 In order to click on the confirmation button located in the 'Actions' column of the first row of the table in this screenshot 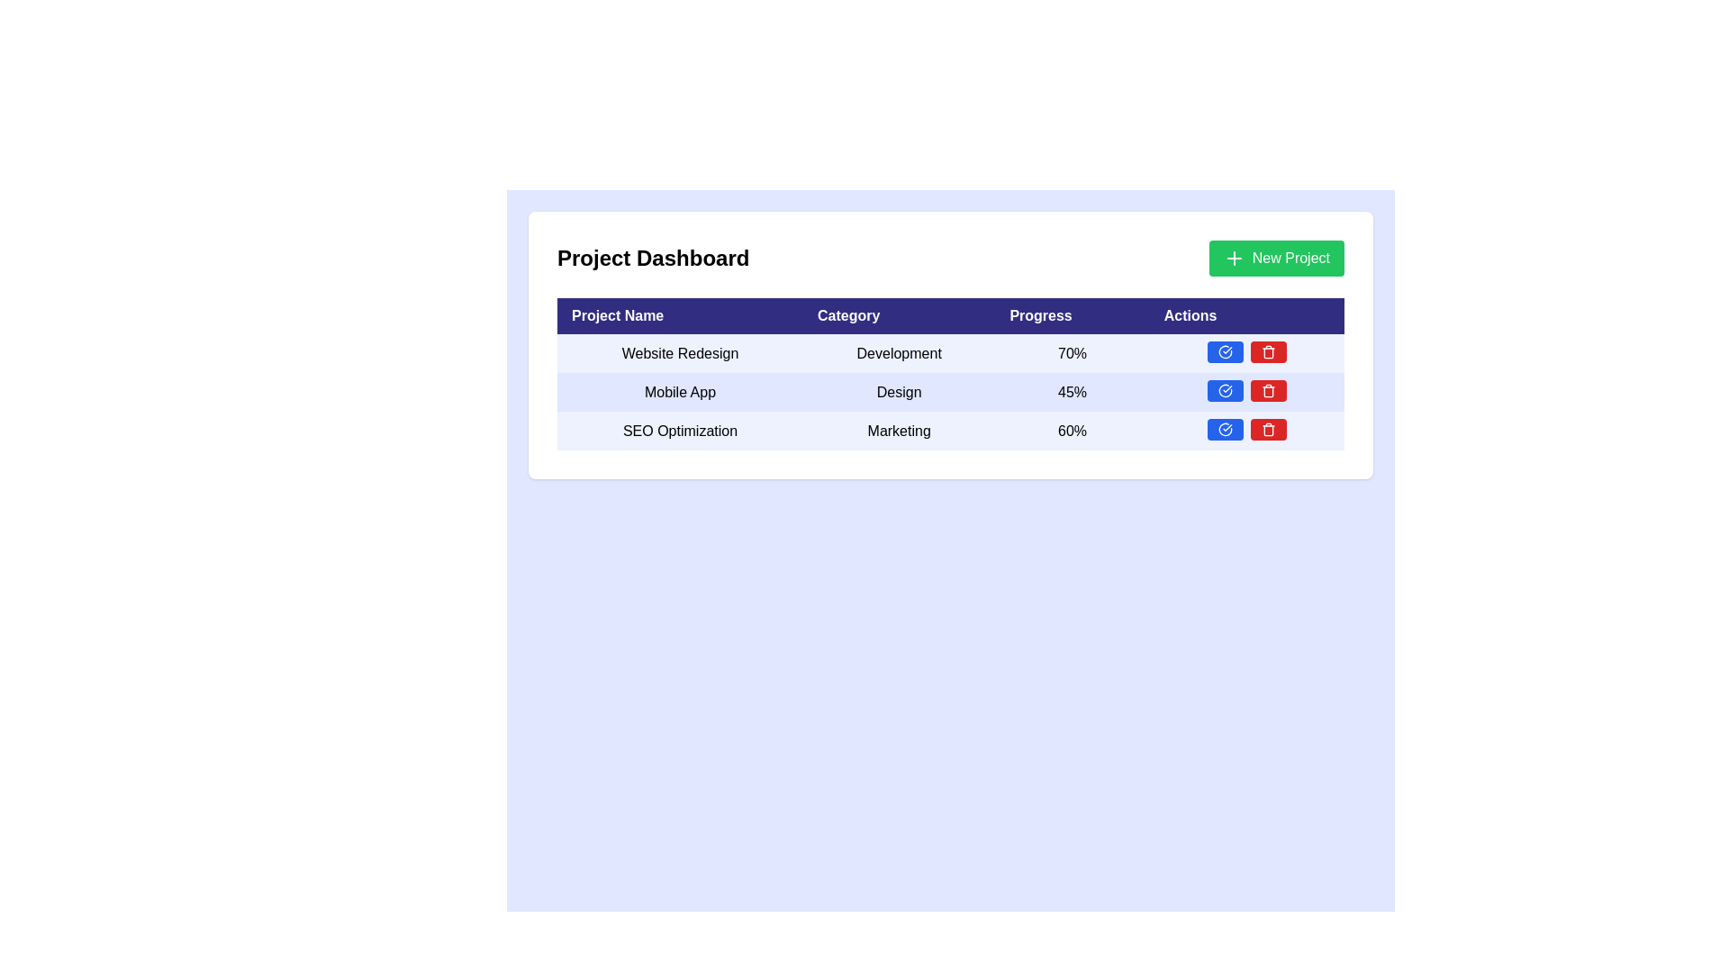, I will do `click(1225, 351)`.